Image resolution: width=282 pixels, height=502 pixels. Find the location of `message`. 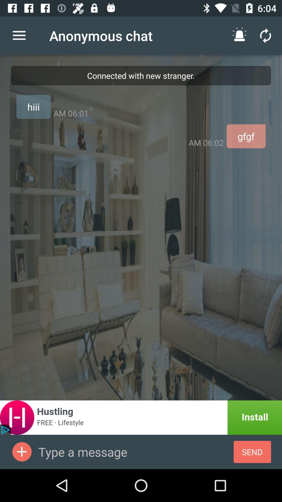

message is located at coordinates (136, 452).